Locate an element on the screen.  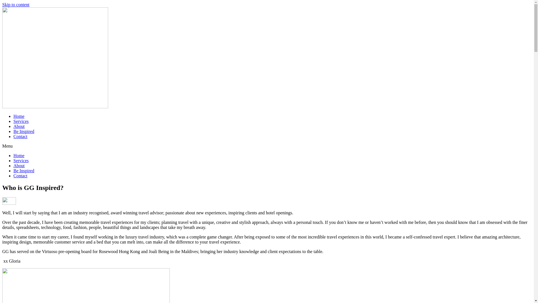
'Contact' is located at coordinates (20, 175).